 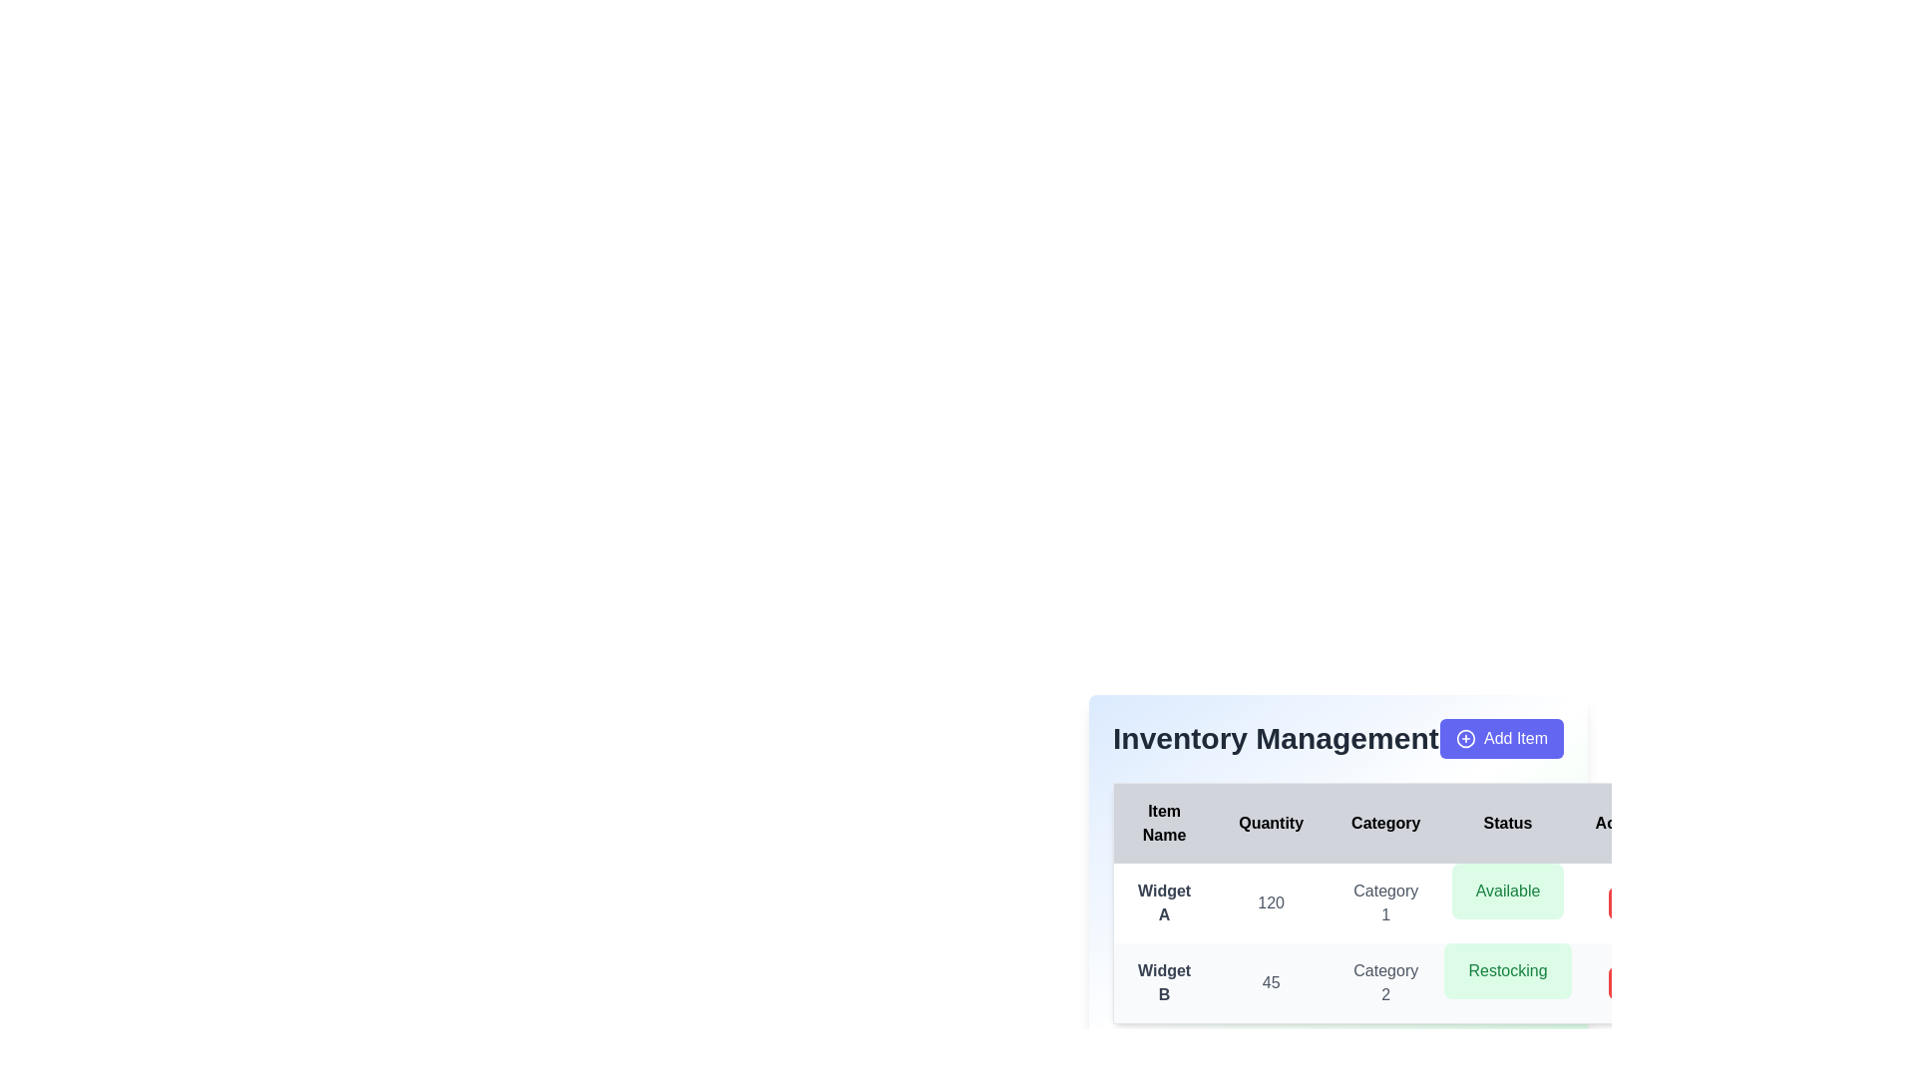 I want to click on the 'Status' text label which is a bold, black text on a gray background located in the fourth column of a table header, between 'Category' and 'Actions', so click(x=1508, y=823).